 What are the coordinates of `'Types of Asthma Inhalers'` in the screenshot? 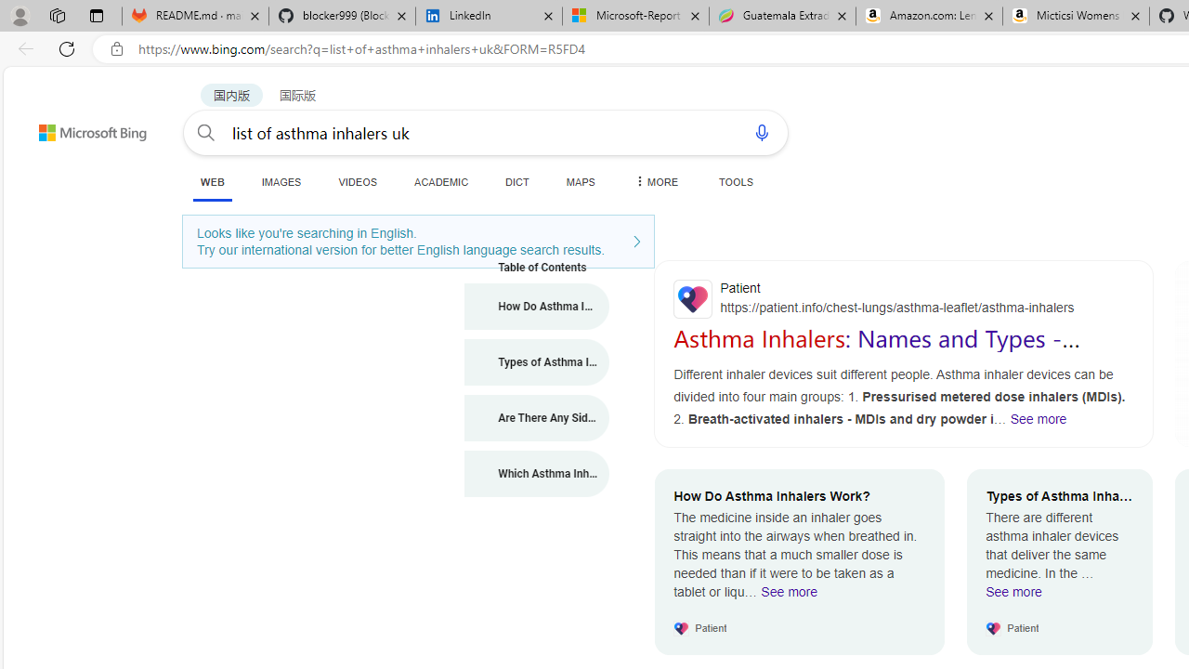 It's located at (536, 361).